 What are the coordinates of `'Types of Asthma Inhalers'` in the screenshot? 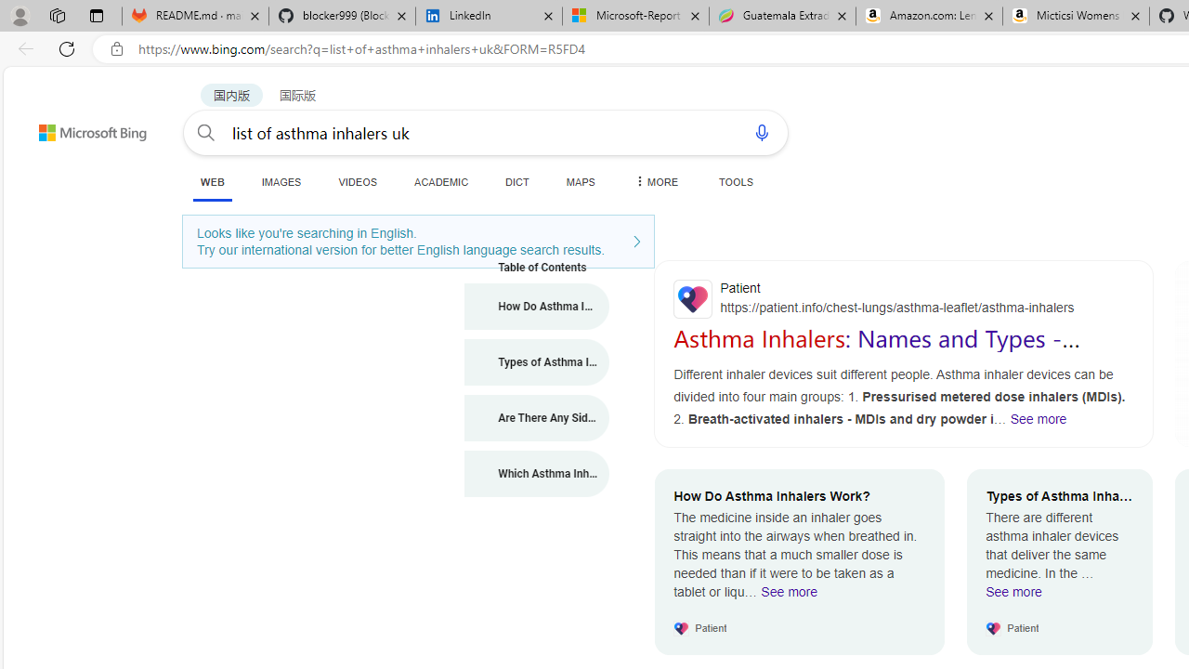 It's located at (536, 361).